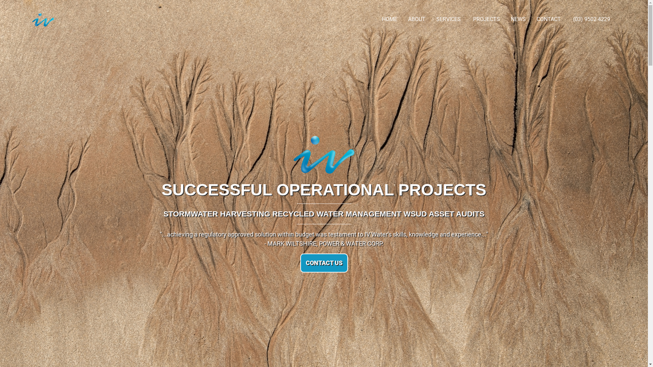  What do you see at coordinates (486, 19) in the screenshot?
I see `'PROJECTS'` at bounding box center [486, 19].